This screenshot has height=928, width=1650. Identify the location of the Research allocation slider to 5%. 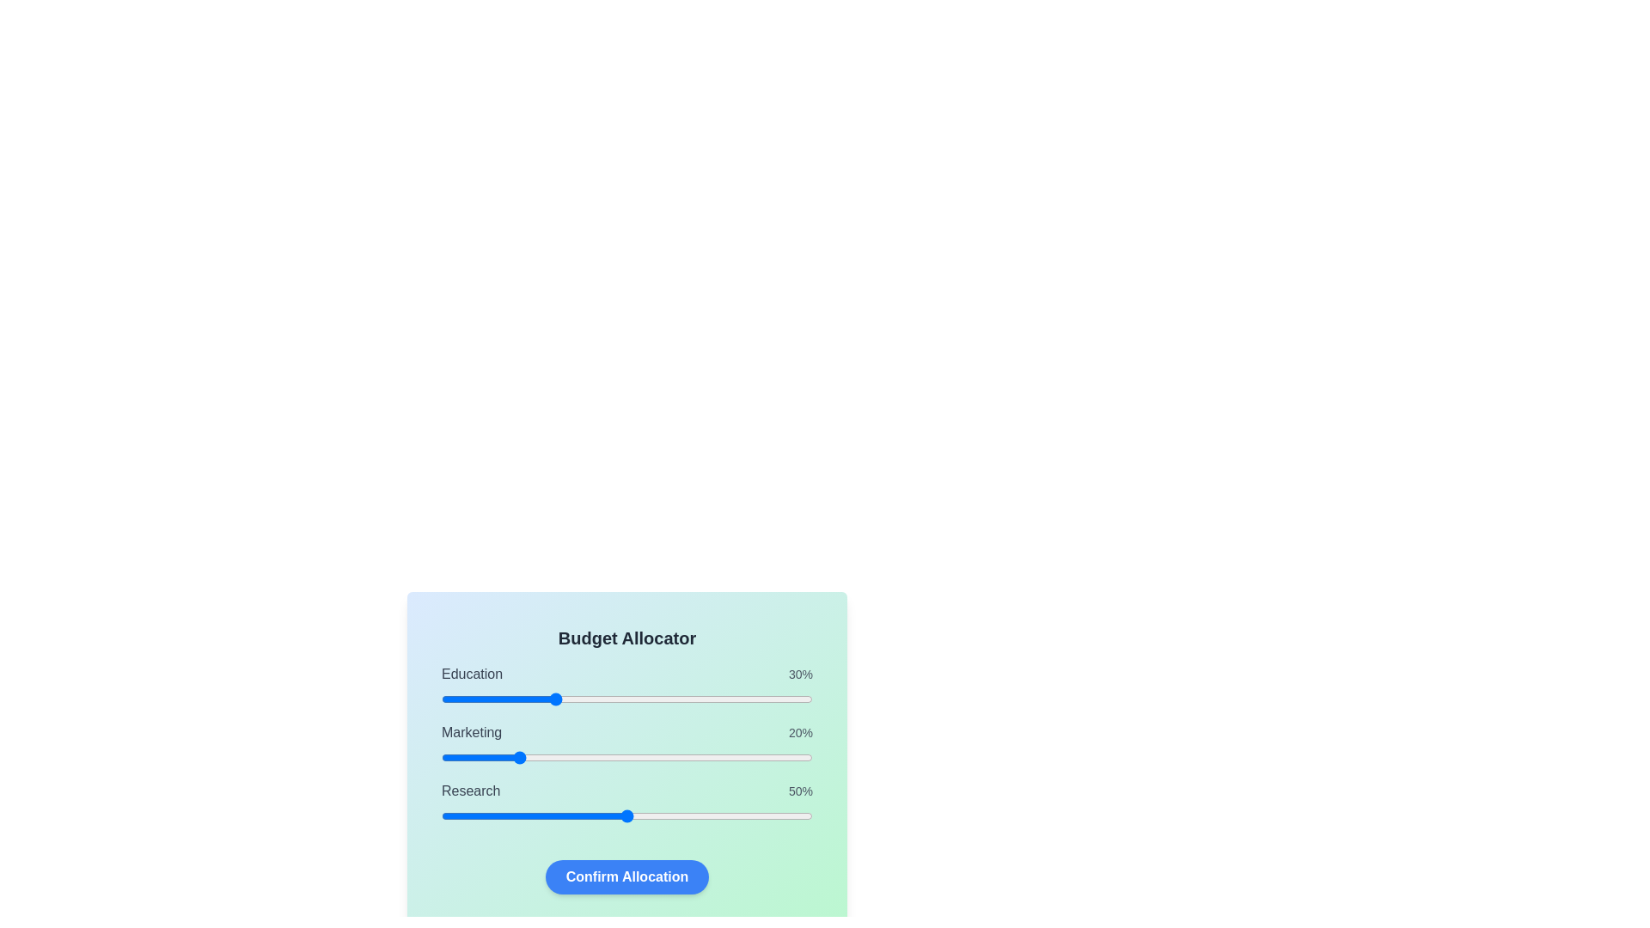
(460, 815).